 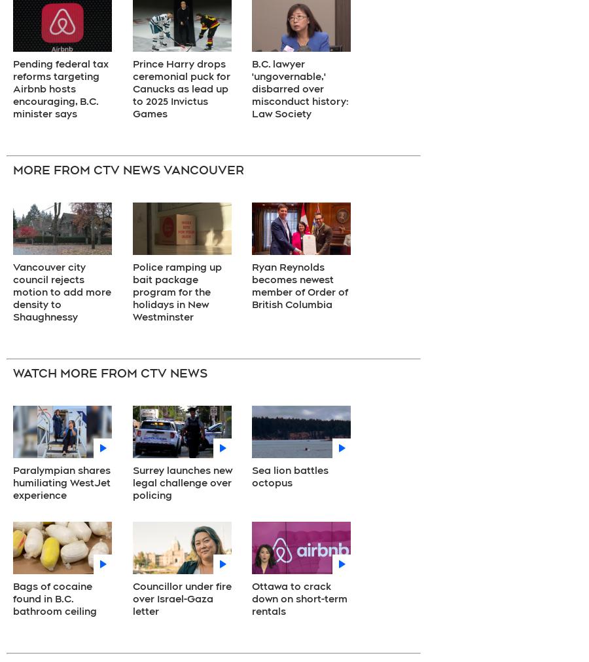 What do you see at coordinates (128, 169) in the screenshot?
I see `'More From CTV News Vancouver'` at bounding box center [128, 169].